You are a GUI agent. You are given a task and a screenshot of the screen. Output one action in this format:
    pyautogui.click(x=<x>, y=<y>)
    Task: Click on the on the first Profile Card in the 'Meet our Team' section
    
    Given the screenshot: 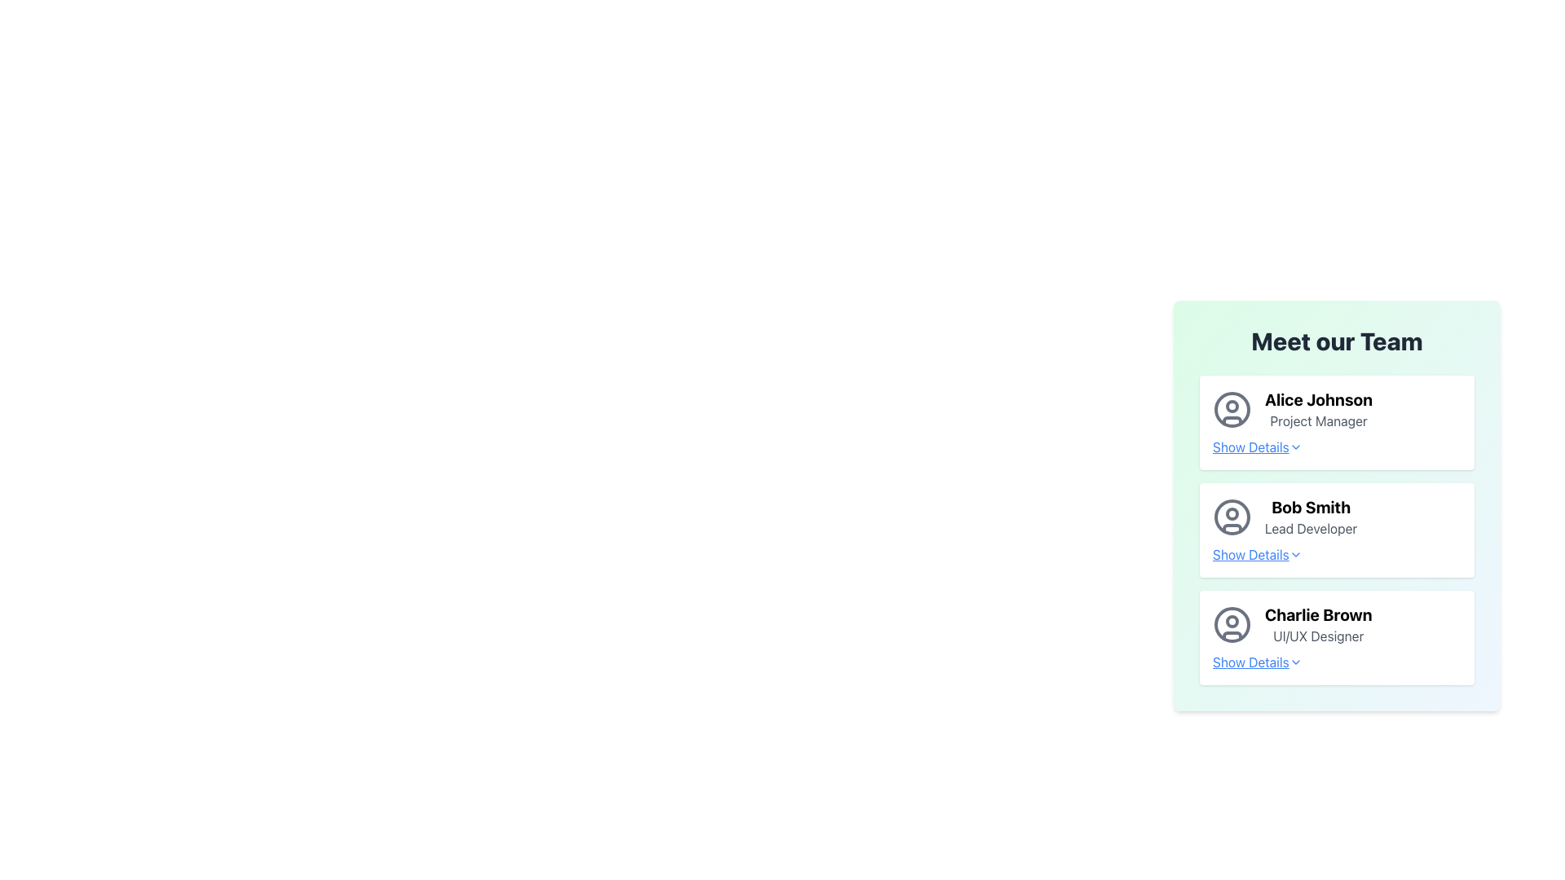 What is the action you would take?
    pyautogui.click(x=1337, y=408)
    